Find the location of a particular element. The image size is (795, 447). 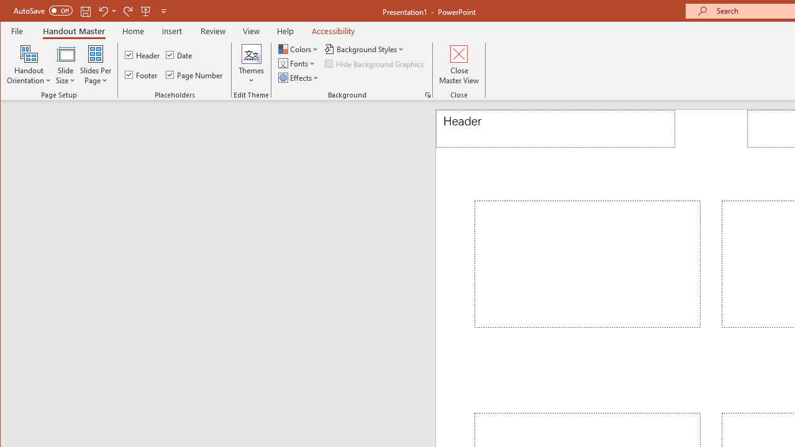

'Effects' is located at coordinates (299, 78).